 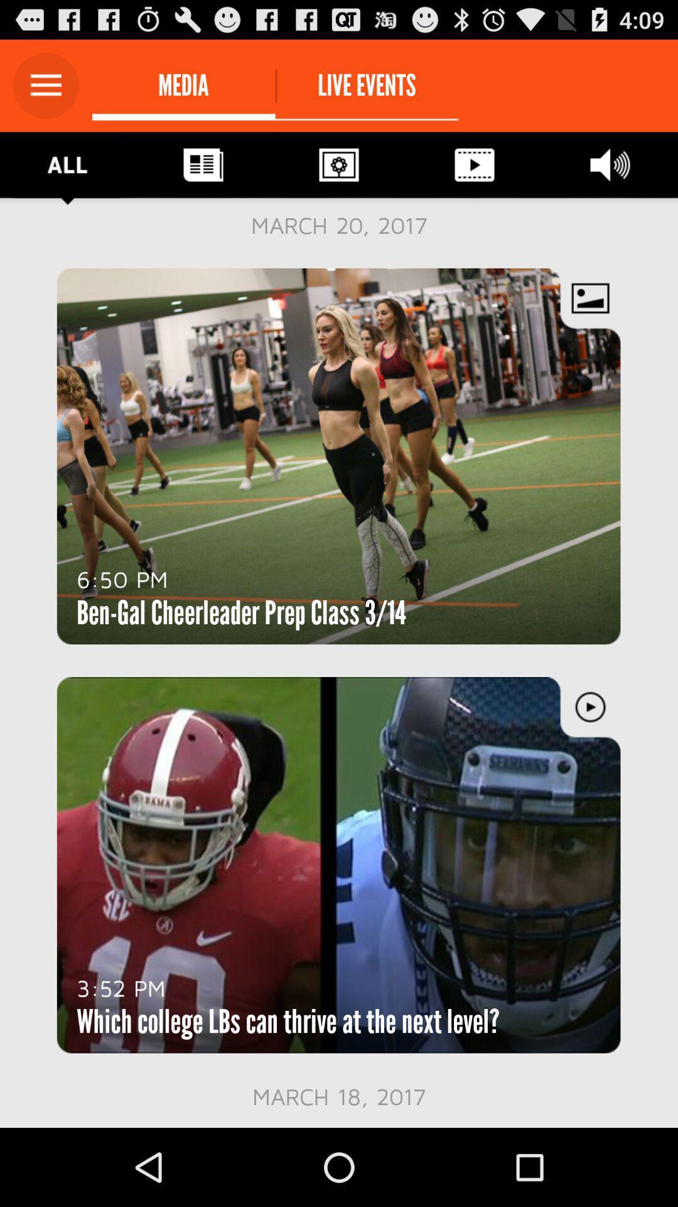 I want to click on item above the ben gal cheerleader icon, so click(x=122, y=578).